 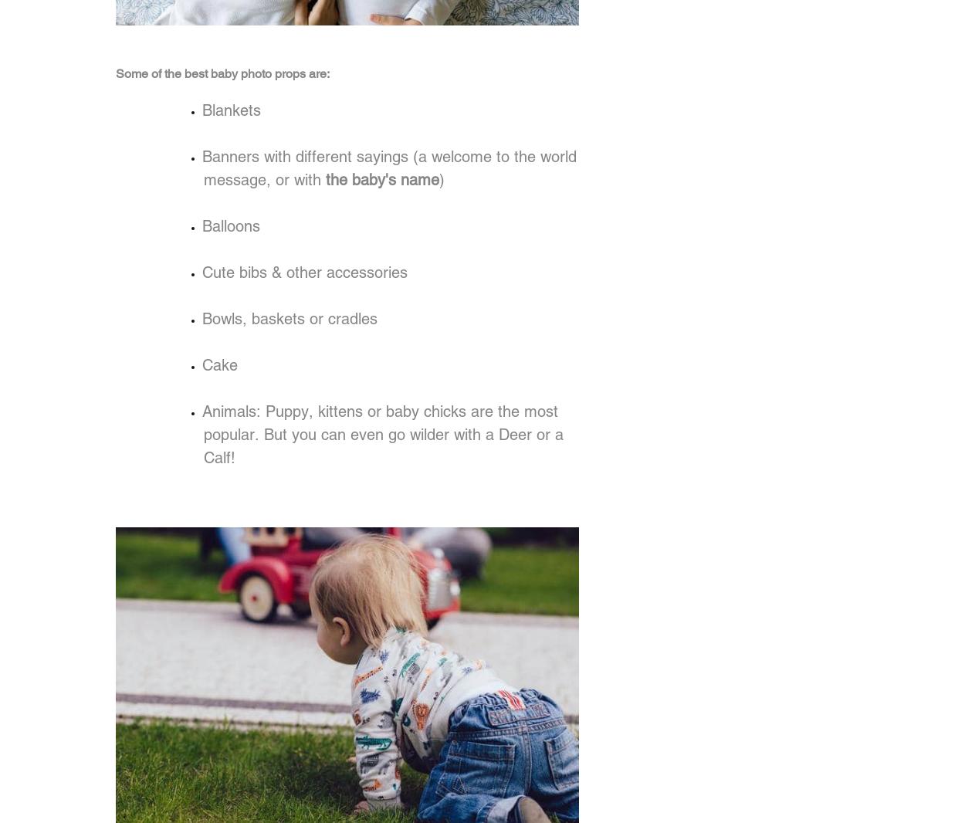 I want to click on 'Balloons', so click(x=231, y=226).